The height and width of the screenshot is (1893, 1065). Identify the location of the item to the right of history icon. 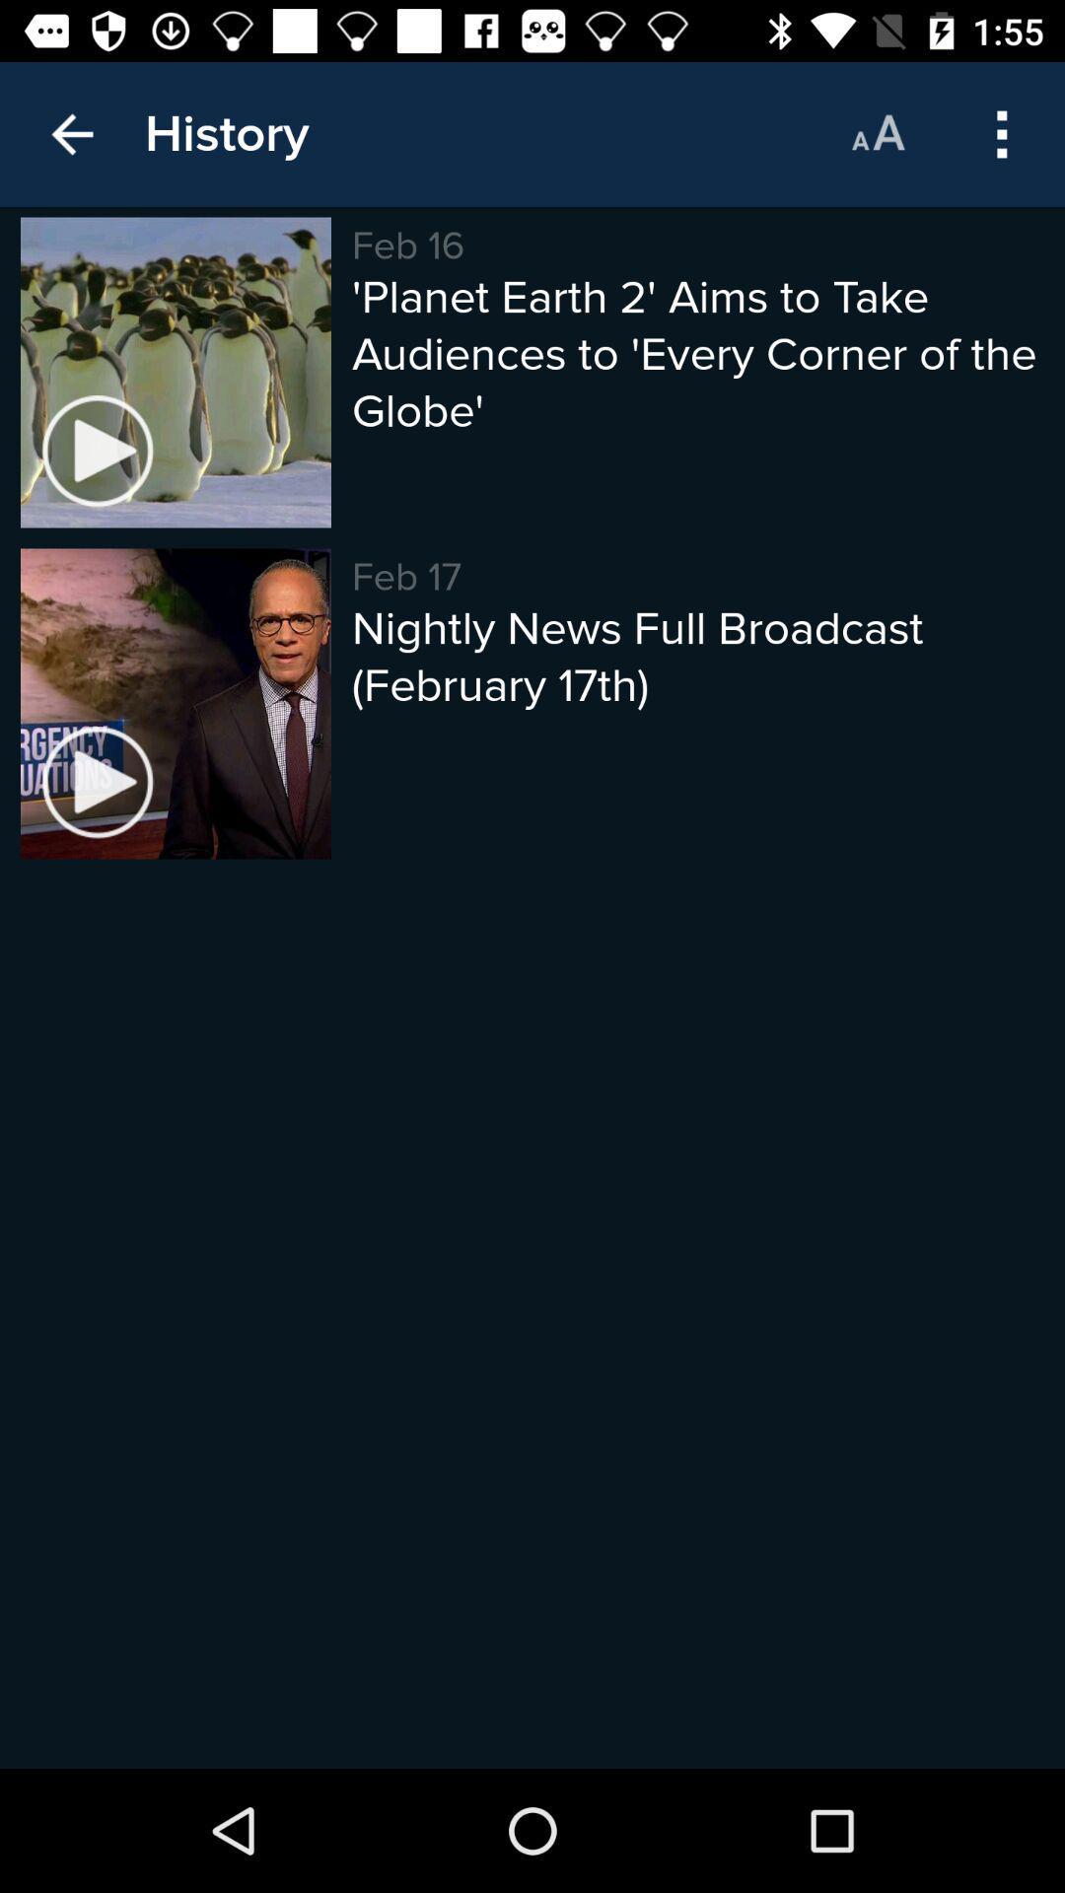
(877, 133).